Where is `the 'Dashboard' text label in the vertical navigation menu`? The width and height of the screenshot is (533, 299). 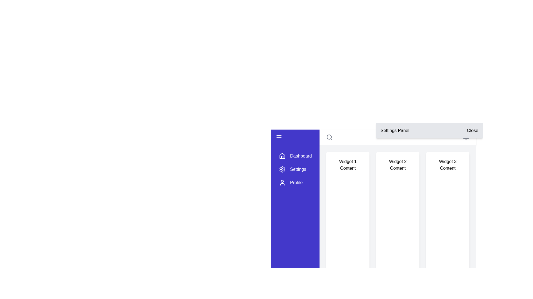
the 'Dashboard' text label in the vertical navigation menu is located at coordinates (301, 156).